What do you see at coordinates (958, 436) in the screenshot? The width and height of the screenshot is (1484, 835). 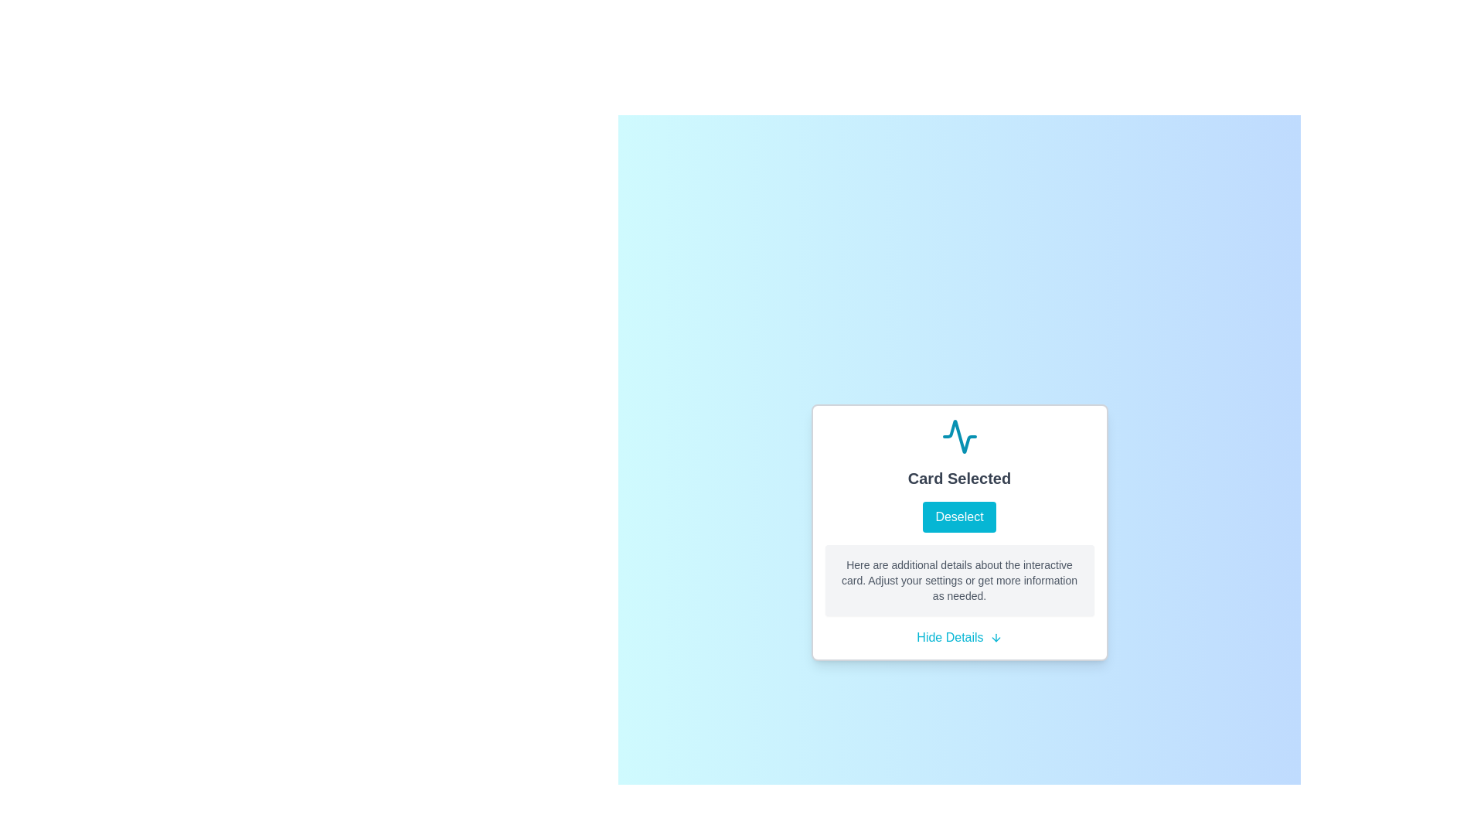 I see `the cyan-colored activity graph icon, which features a distinct waveform-like pattern and is positioned at the top center of the card content labeled 'Card Selected'` at bounding box center [958, 436].